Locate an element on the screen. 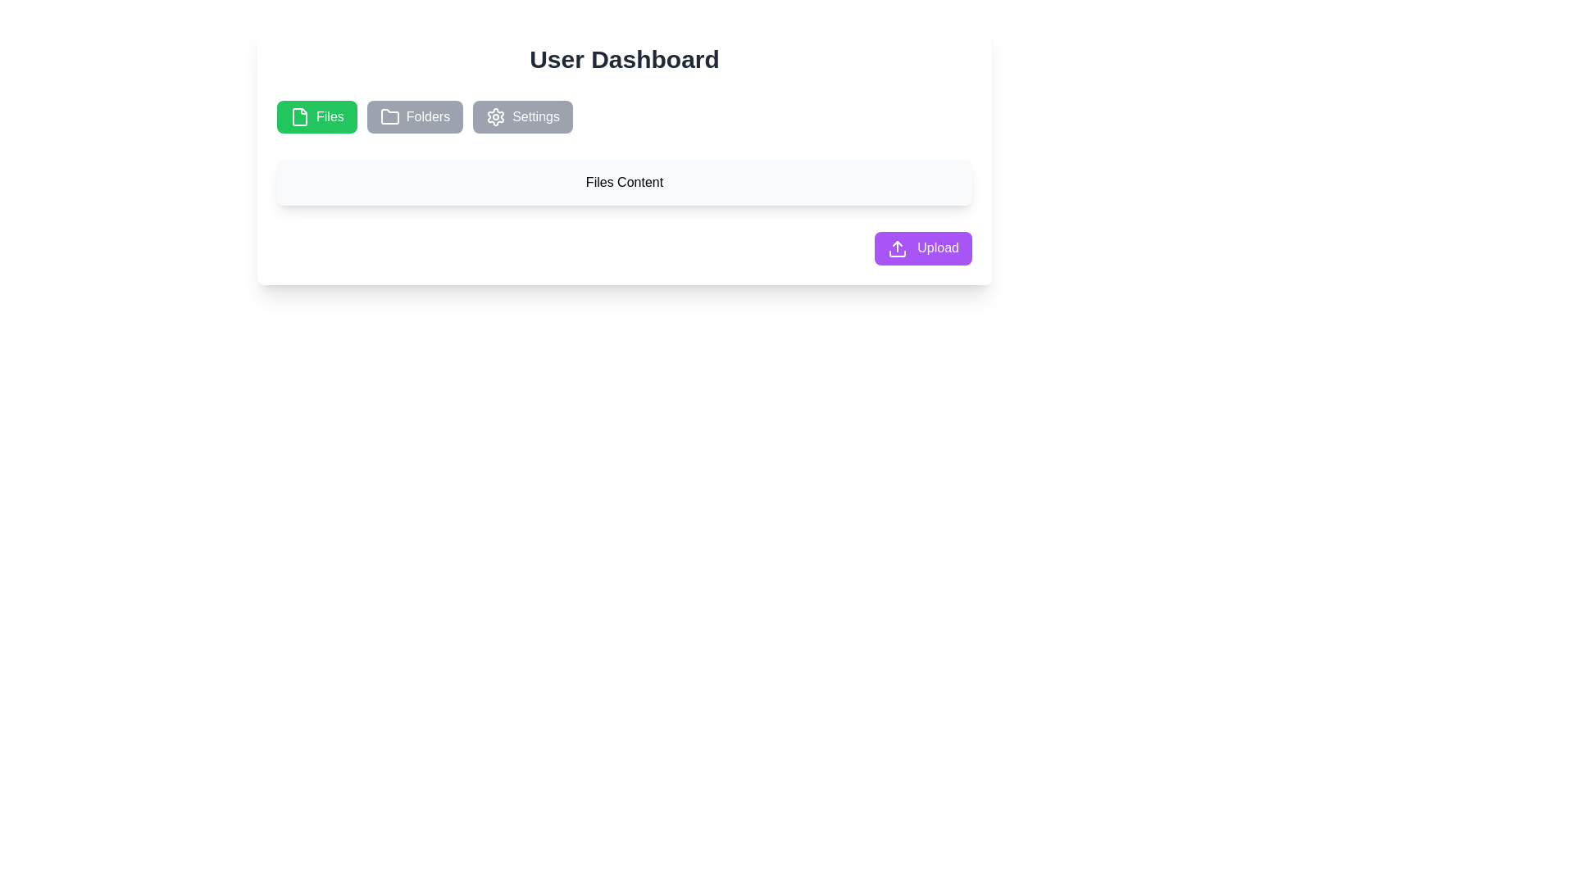 The height and width of the screenshot is (885, 1574). the 'Files' button, which is a rectangular button with rounded edges, green background, and a document icon on the left is located at coordinates (316, 116).